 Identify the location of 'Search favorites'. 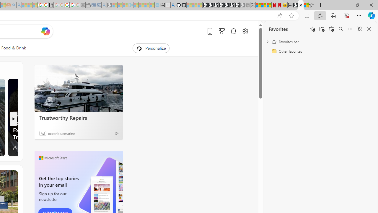
(340, 29).